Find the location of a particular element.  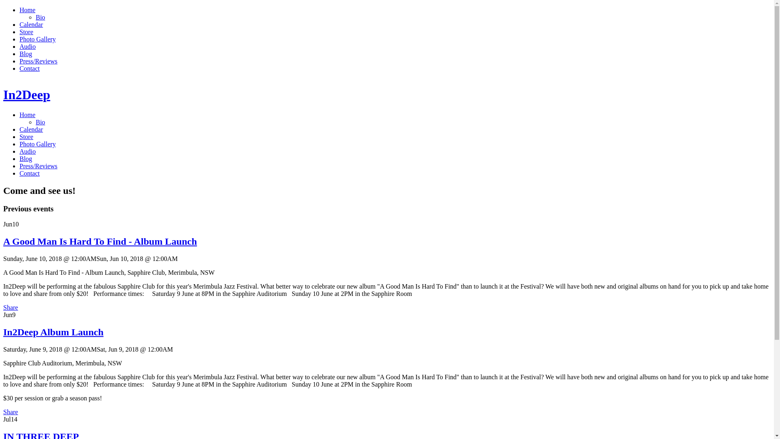

'A Good Man Is Hard To Find - Album Launch' is located at coordinates (100, 241).